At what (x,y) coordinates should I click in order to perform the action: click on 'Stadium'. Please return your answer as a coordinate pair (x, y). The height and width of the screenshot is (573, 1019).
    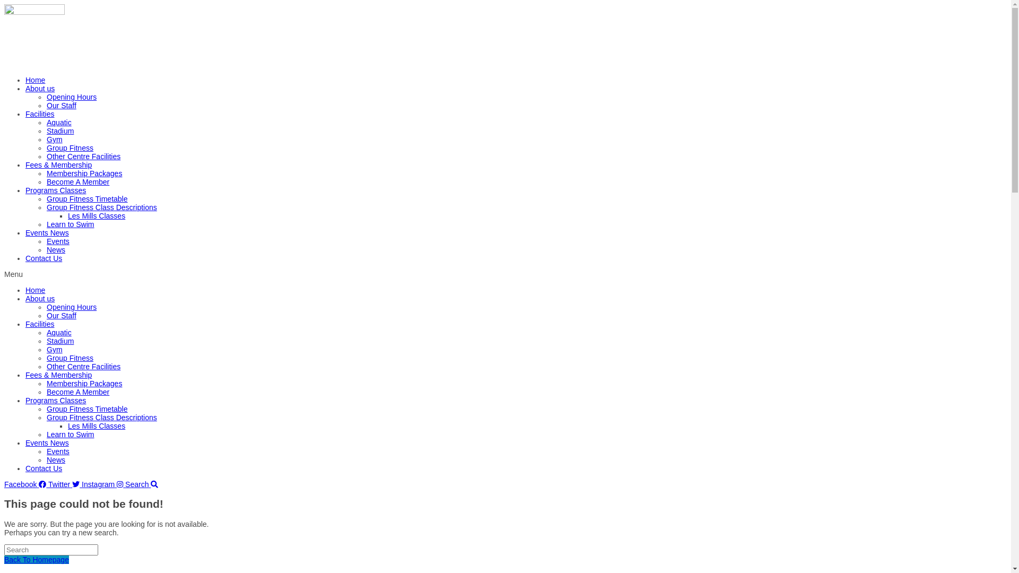
    Looking at the image, I should click on (59, 130).